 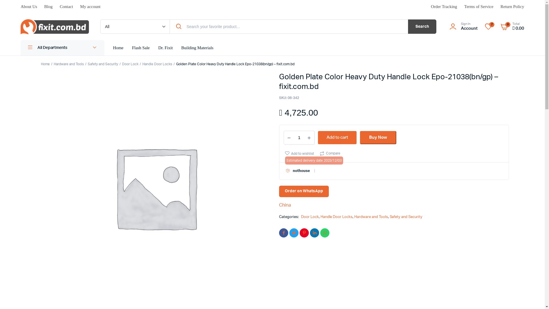 What do you see at coordinates (299, 153) in the screenshot?
I see `'Add to wishlist'` at bounding box center [299, 153].